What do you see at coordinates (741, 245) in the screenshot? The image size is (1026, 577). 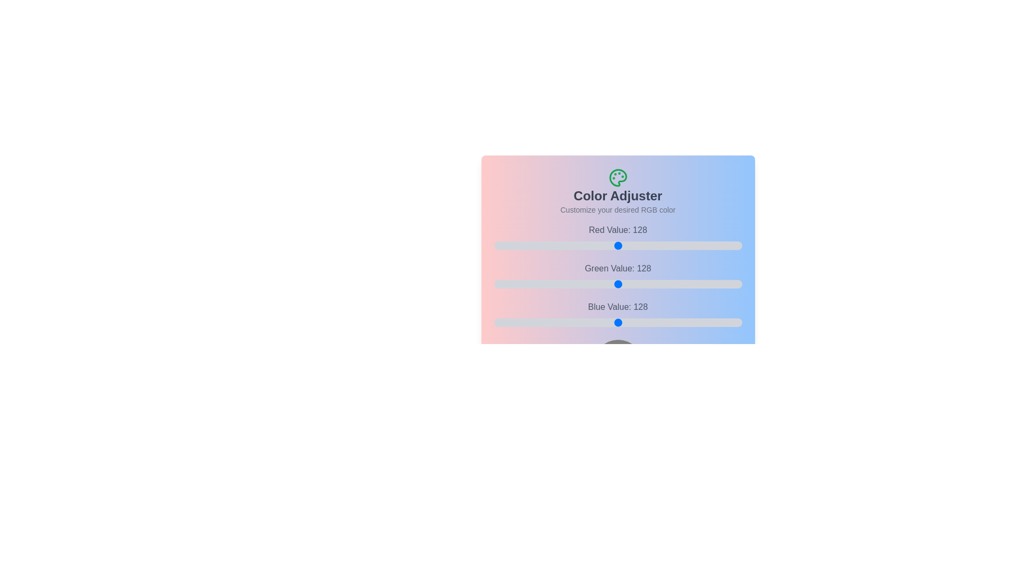 I see `the 0 slider to 254` at bounding box center [741, 245].